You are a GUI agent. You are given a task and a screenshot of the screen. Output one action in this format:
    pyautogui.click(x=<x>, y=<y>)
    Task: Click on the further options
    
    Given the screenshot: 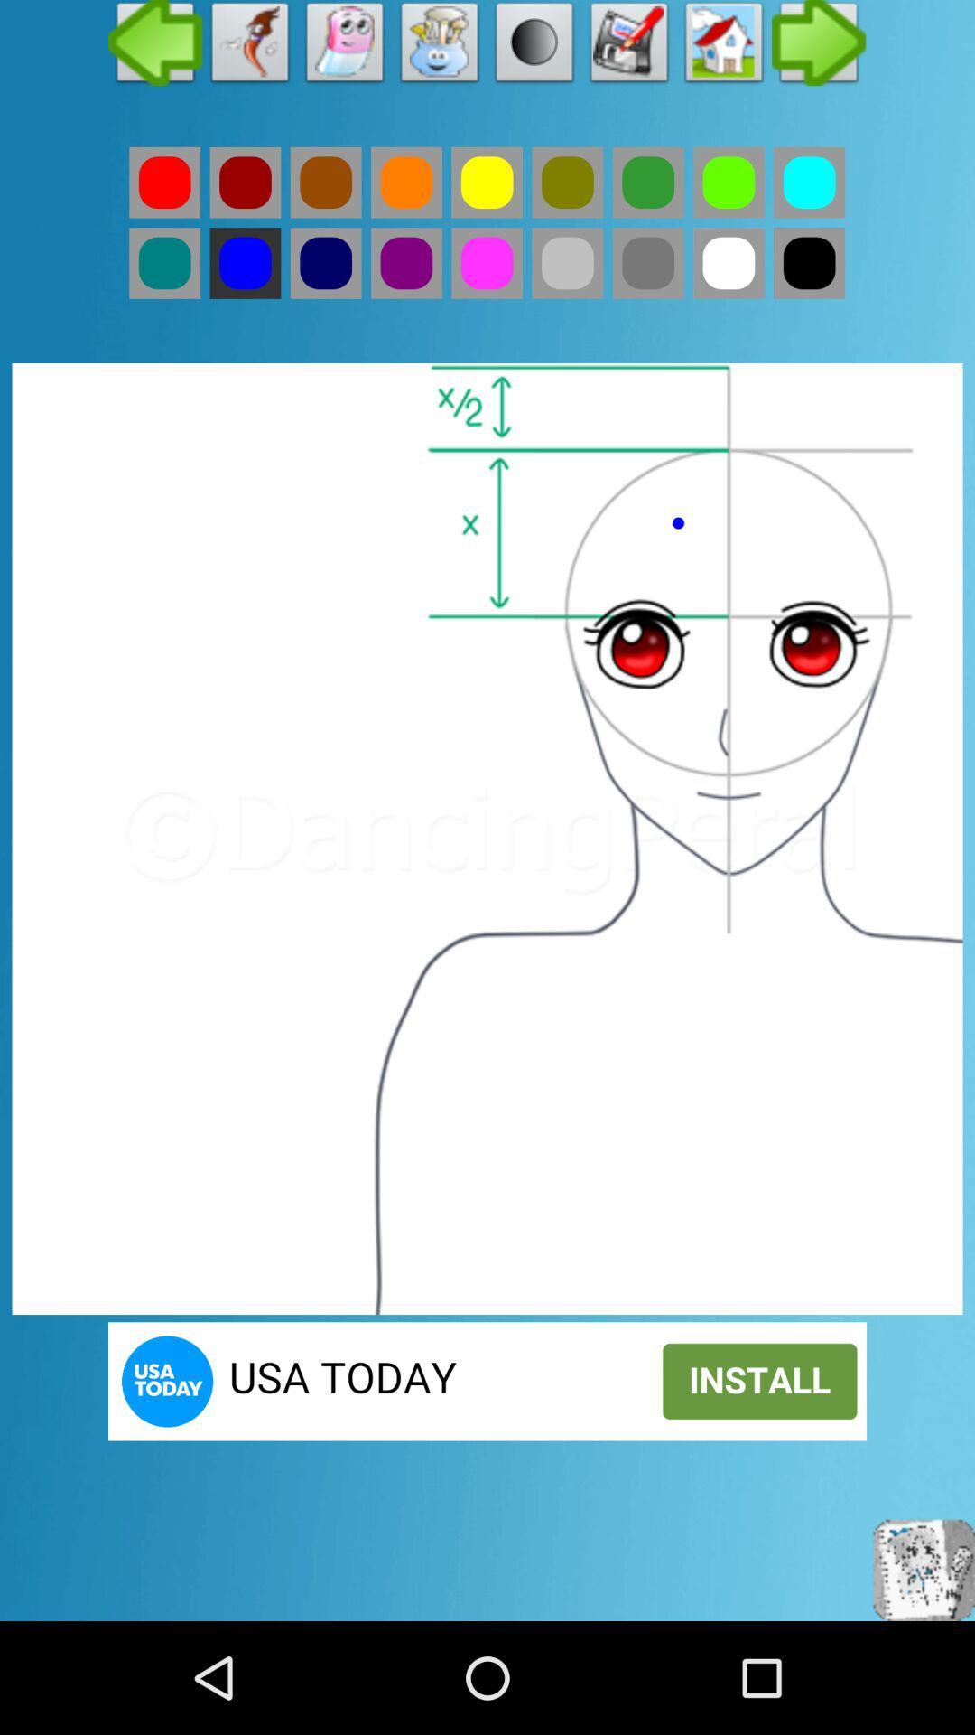 What is the action you would take?
    pyautogui.click(x=819, y=47)
    